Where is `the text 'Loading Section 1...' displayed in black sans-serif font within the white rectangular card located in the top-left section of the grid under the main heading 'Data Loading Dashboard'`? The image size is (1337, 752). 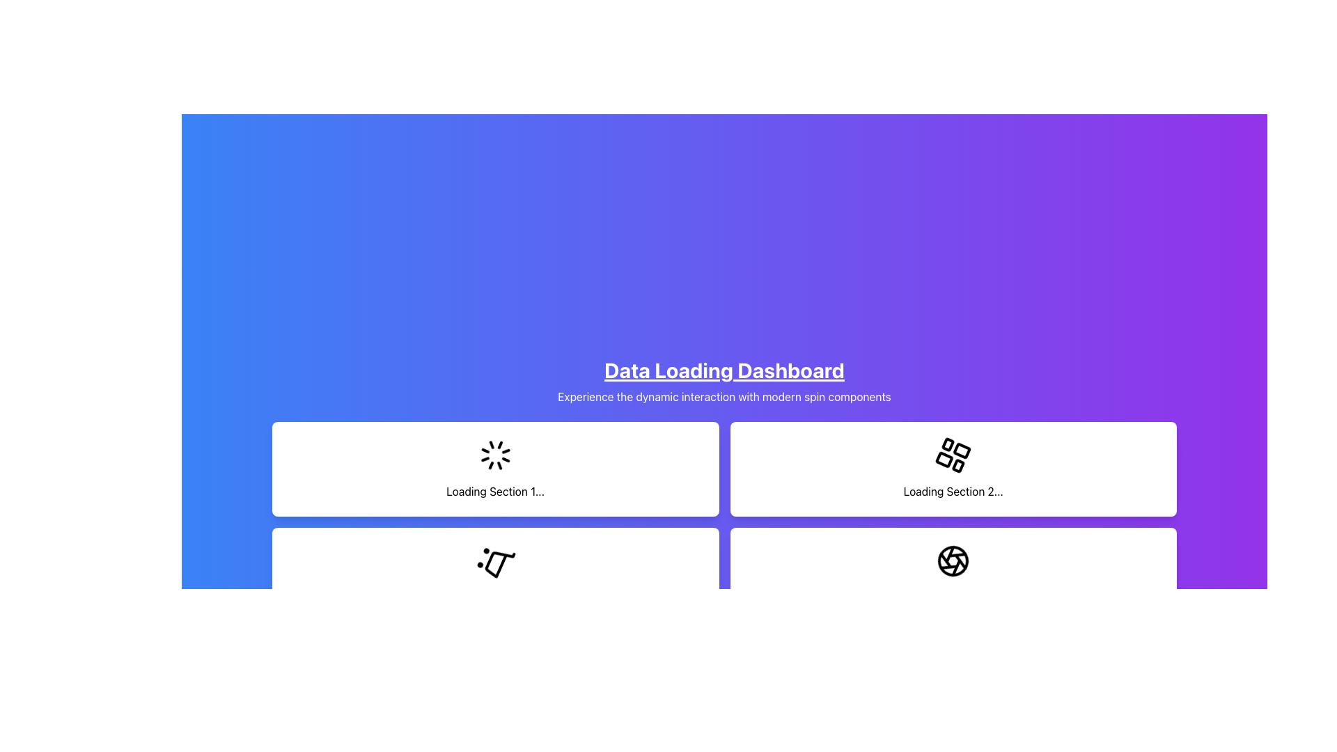
the text 'Loading Section 1...' displayed in black sans-serif font within the white rectangular card located in the top-left section of the grid under the main heading 'Data Loading Dashboard' is located at coordinates (495, 490).